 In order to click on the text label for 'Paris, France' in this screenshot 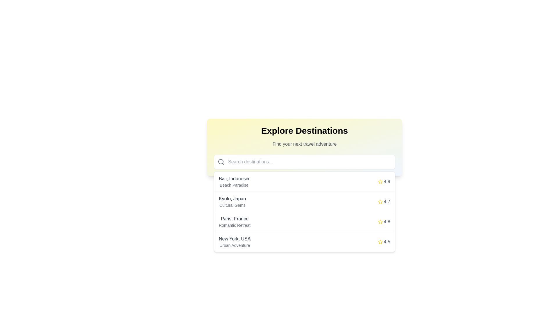, I will do `click(235, 222)`.